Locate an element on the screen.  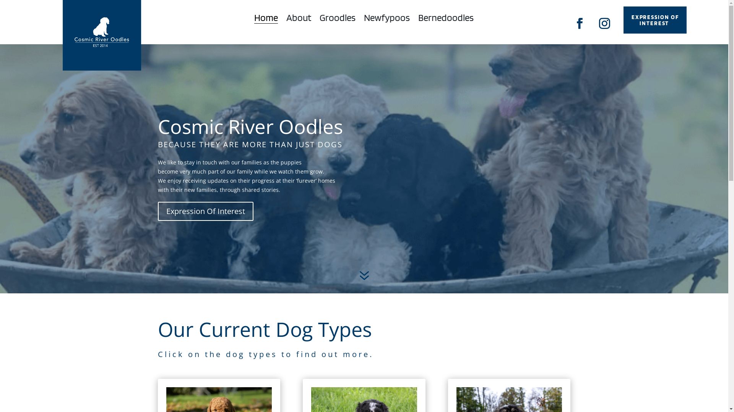
'Follow on Facebook' is located at coordinates (580, 23).